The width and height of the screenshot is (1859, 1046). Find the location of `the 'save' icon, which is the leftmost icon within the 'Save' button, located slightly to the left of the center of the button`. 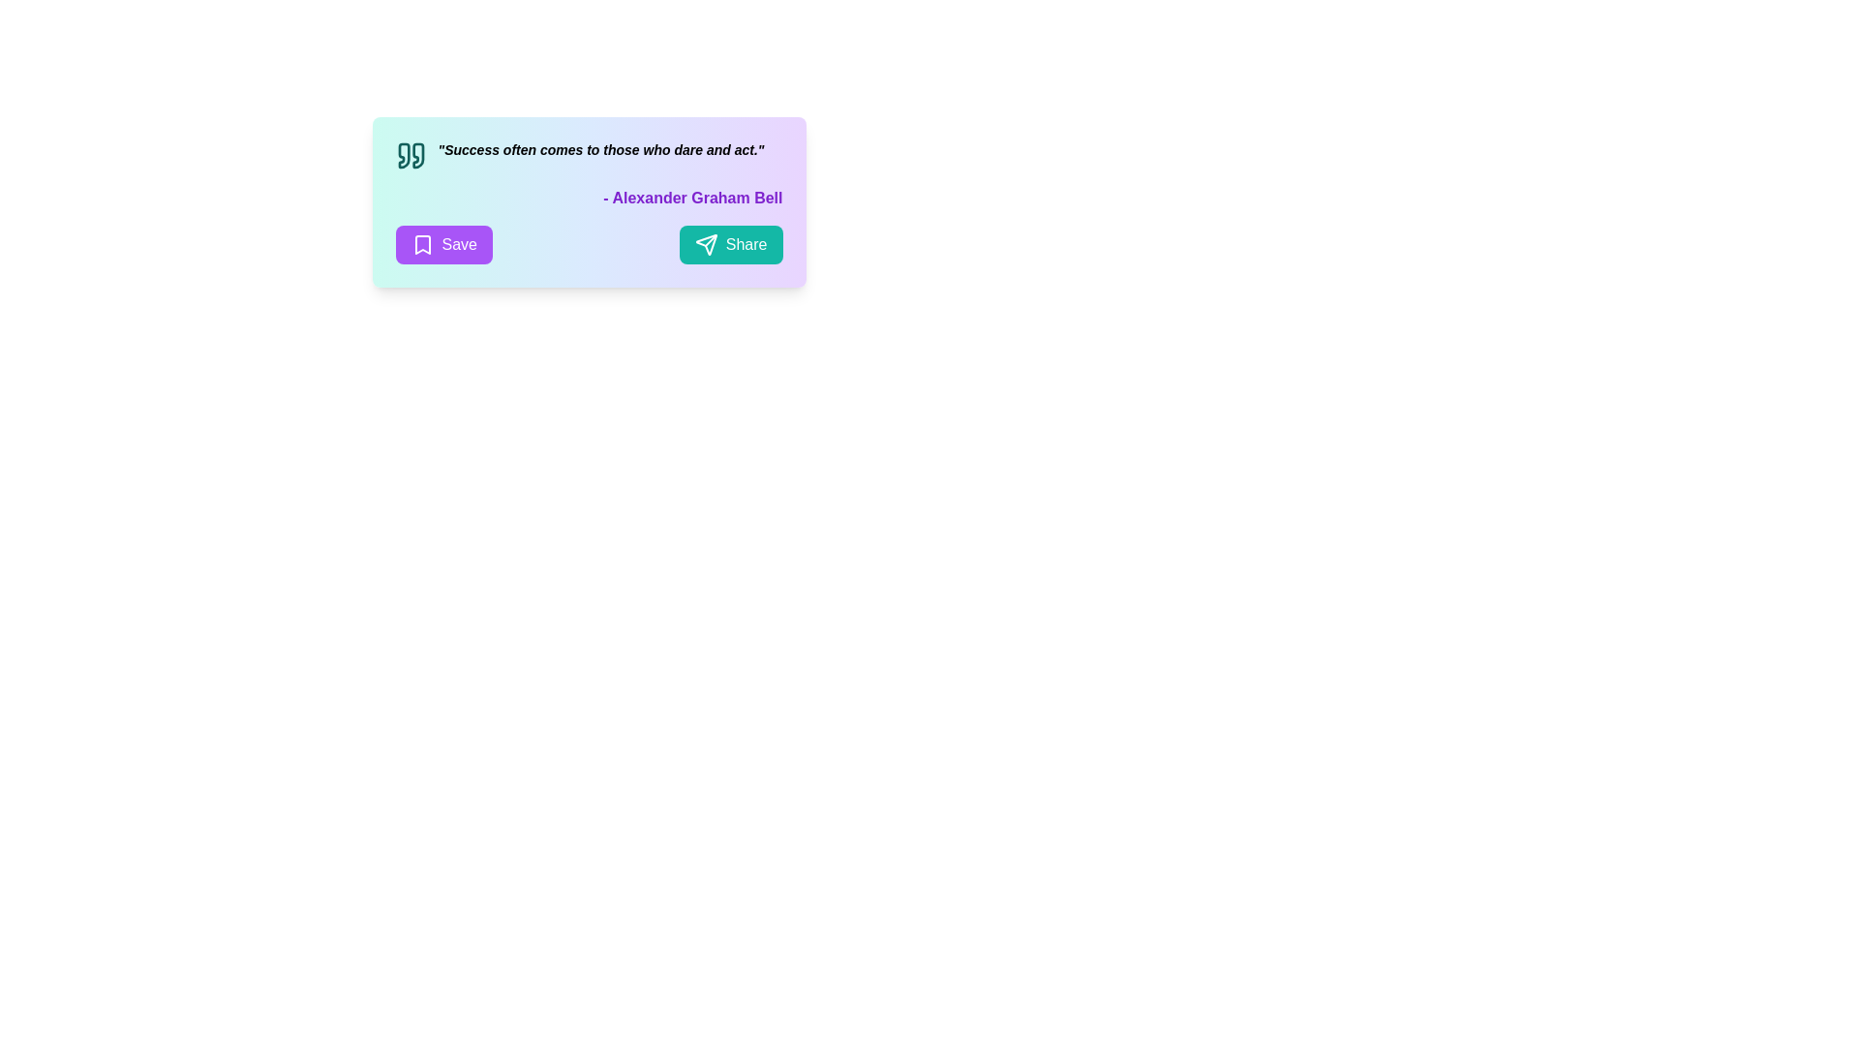

the 'save' icon, which is the leftmost icon within the 'Save' button, located slightly to the left of the center of the button is located at coordinates (421, 244).